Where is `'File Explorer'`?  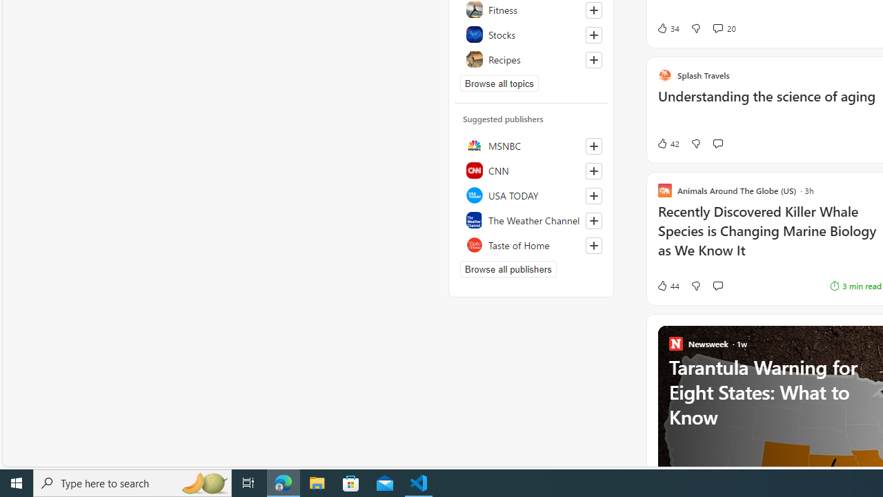
'File Explorer' is located at coordinates (317, 482).